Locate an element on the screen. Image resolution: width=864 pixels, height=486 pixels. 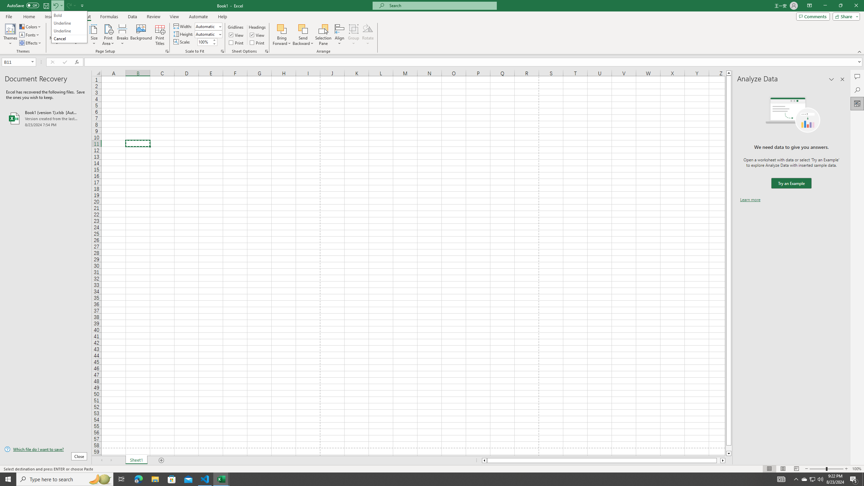
'Background...' is located at coordinates (141, 35).